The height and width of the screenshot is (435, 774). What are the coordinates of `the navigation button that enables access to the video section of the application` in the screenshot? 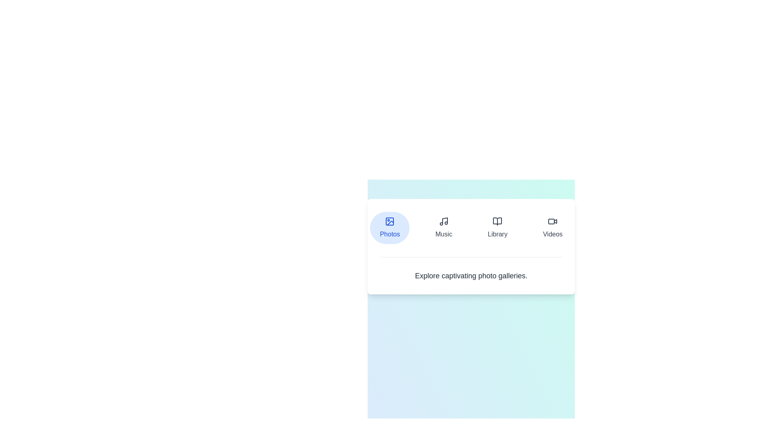 It's located at (552, 228).